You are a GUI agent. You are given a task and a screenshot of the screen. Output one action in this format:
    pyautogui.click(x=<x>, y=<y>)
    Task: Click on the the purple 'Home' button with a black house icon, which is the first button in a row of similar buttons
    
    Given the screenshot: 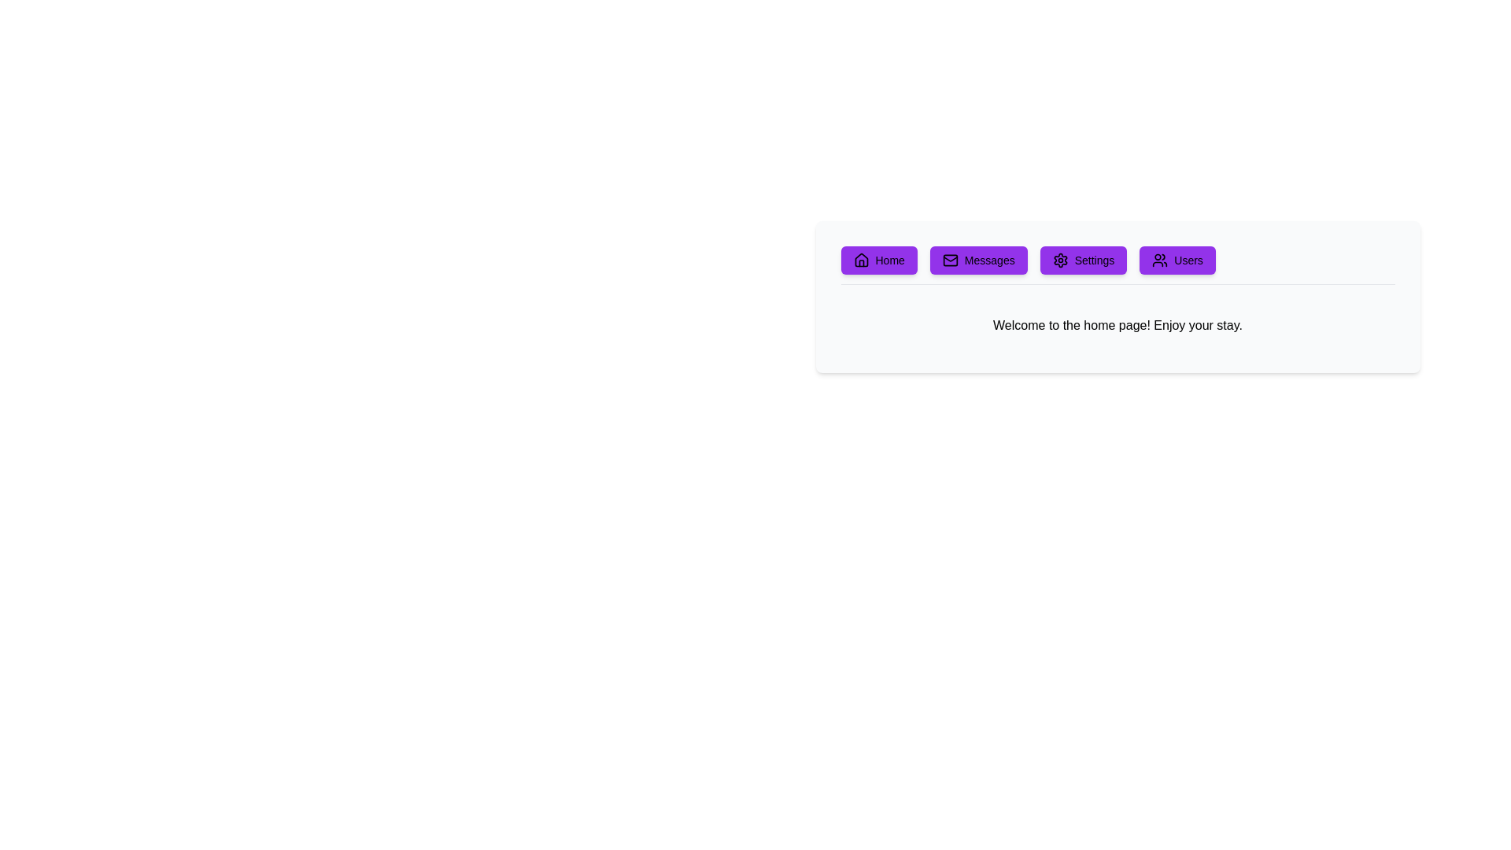 What is the action you would take?
    pyautogui.click(x=878, y=260)
    